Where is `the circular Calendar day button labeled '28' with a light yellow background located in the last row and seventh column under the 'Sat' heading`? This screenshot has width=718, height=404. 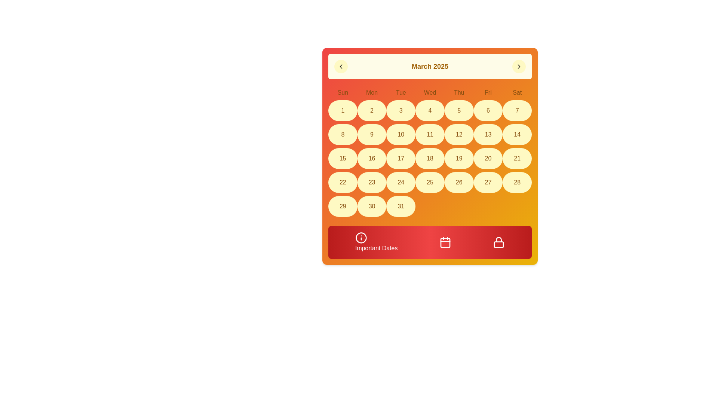
the circular Calendar day button labeled '28' with a light yellow background located in the last row and seventh column under the 'Sat' heading is located at coordinates (517, 183).